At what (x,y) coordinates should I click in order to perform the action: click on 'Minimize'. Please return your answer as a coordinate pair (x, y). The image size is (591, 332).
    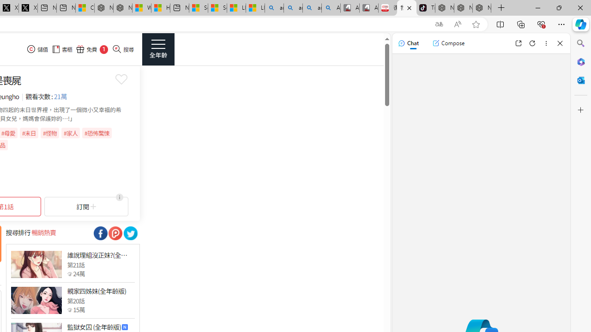
    Looking at the image, I should click on (537, 7).